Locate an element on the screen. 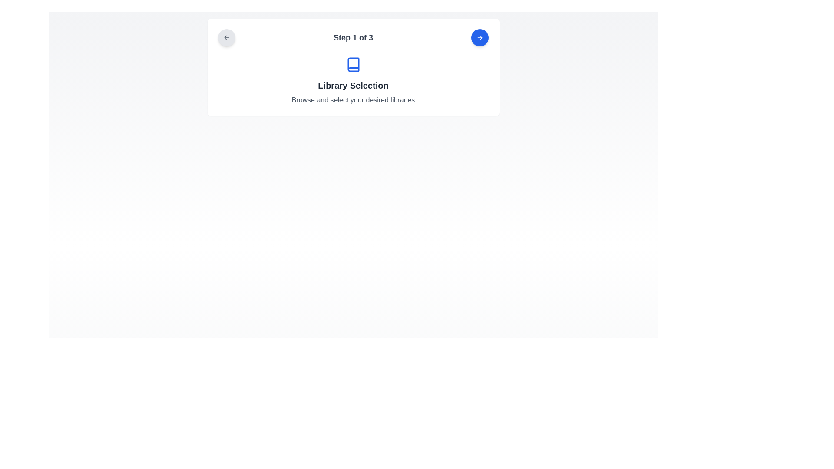  the blue book icon located above the text 'Library Selection' in the header area of the interface is located at coordinates (353, 64).